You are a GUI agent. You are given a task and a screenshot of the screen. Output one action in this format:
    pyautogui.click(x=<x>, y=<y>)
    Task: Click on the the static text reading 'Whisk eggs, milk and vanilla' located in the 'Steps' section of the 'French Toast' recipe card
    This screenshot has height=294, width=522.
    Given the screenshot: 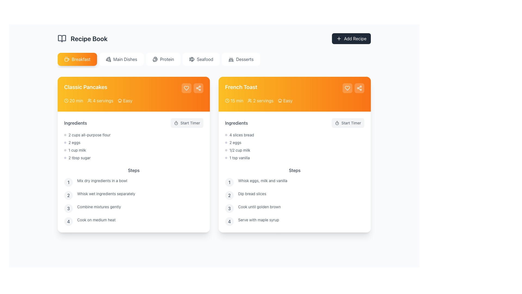 What is the action you would take?
    pyautogui.click(x=263, y=182)
    